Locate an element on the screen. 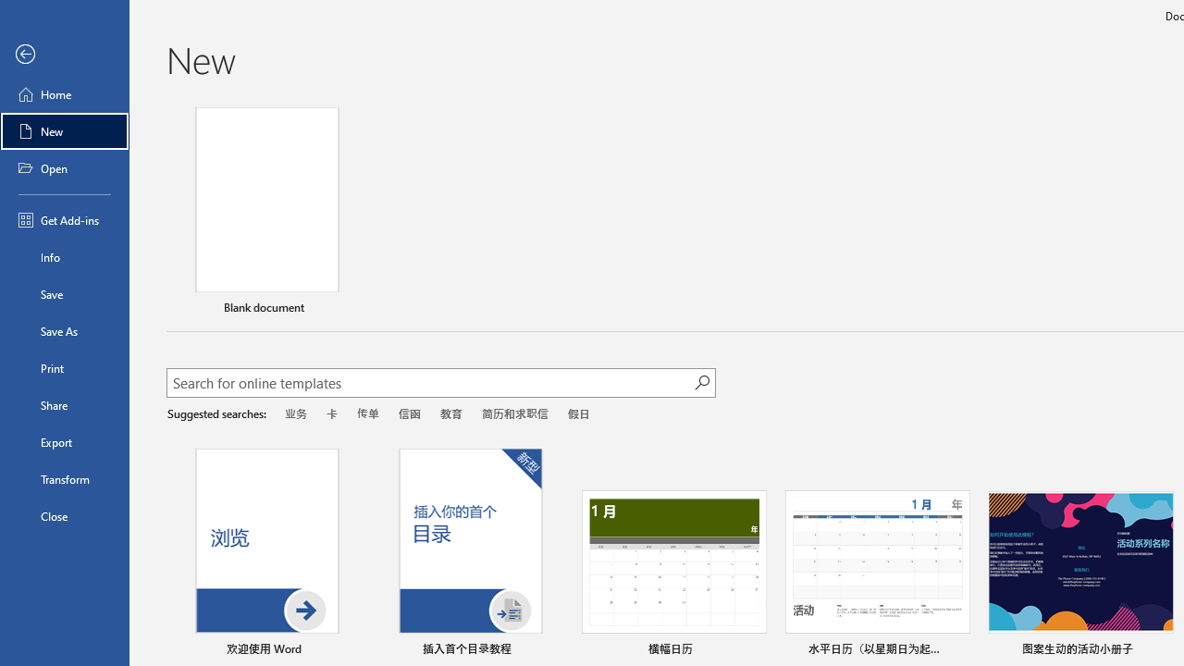 The width and height of the screenshot is (1184, 666). 'Transform' is located at coordinates (64, 478).